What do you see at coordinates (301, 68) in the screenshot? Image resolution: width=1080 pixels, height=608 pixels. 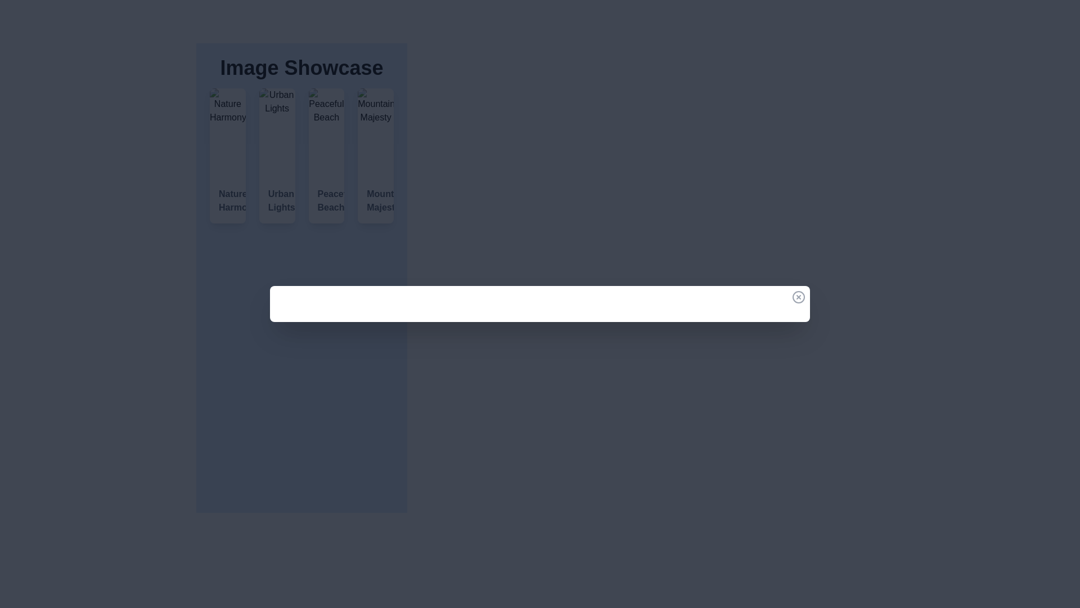 I see `the Static text header which serves as the title for the section, located at the top center of the interface` at bounding box center [301, 68].